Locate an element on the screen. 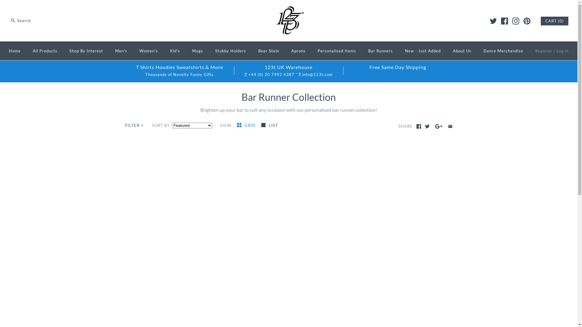  'Kid's' is located at coordinates (175, 51).